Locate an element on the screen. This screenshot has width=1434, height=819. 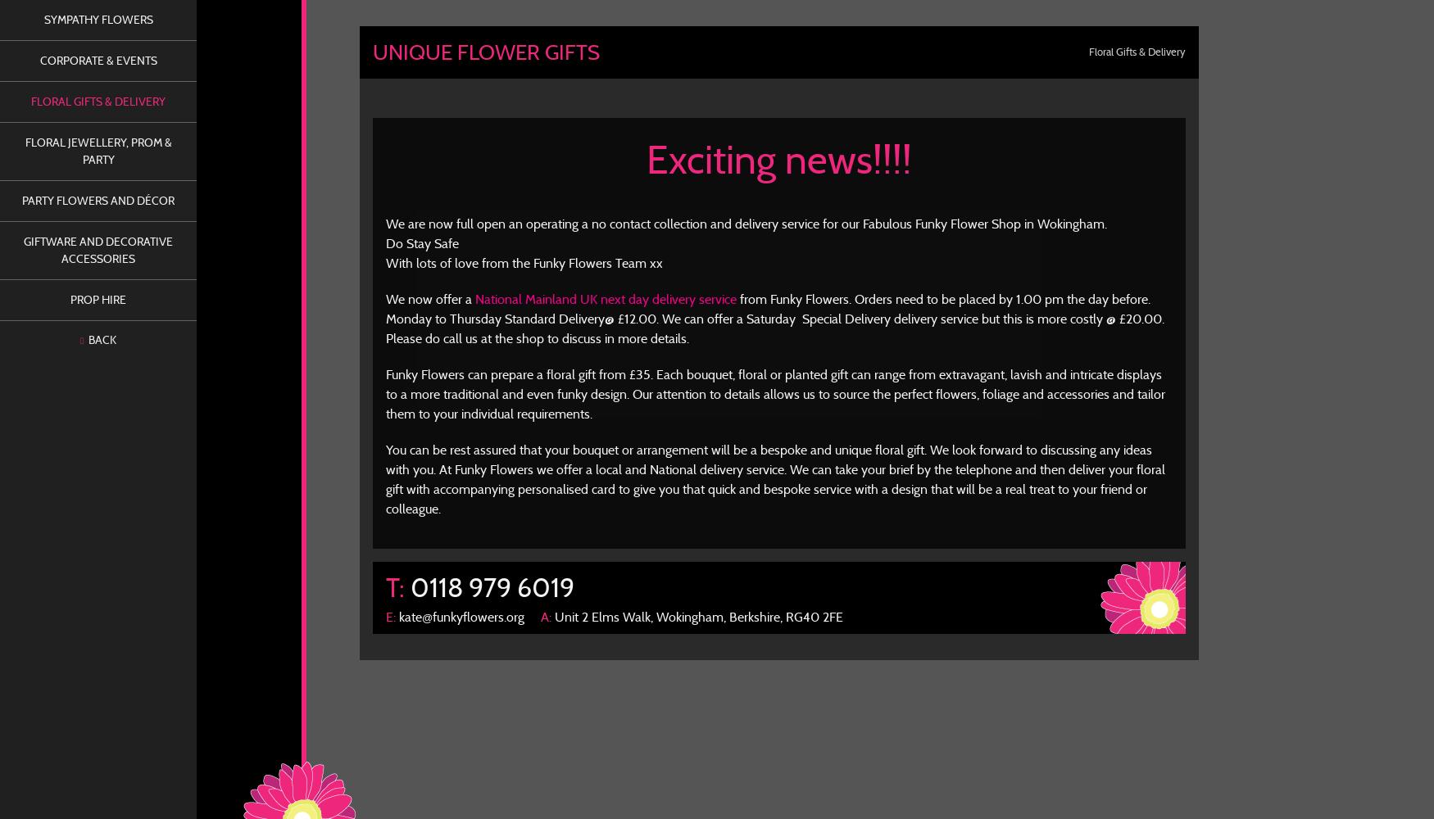
'Saturday  Special Delivery delivery service but this is more costly @ £20.00.' is located at coordinates (955, 319).